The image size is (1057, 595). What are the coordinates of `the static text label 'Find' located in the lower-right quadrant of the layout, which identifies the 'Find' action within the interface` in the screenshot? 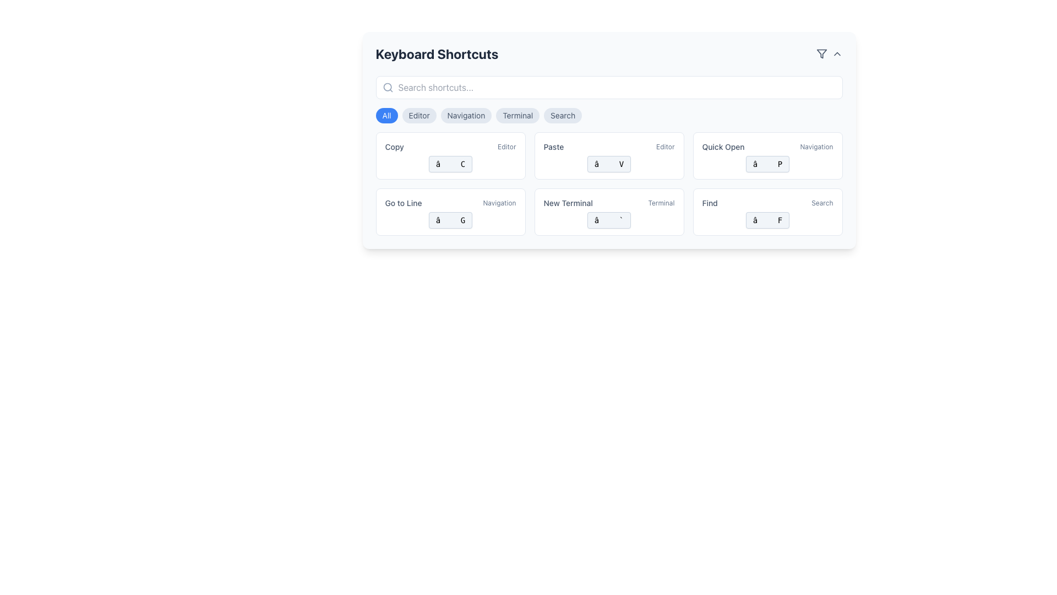 It's located at (710, 203).